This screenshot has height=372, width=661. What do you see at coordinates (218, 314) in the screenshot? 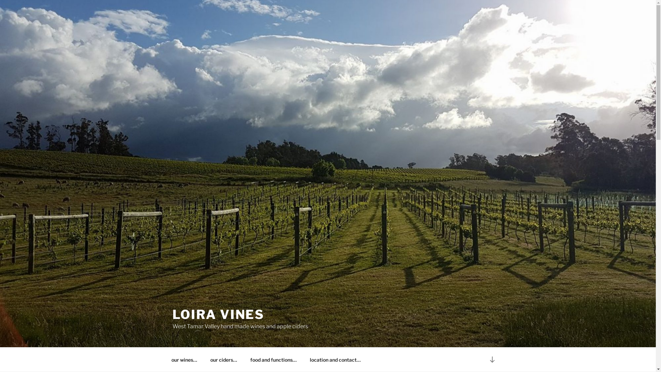
I see `'LOIRA VINES'` at bounding box center [218, 314].